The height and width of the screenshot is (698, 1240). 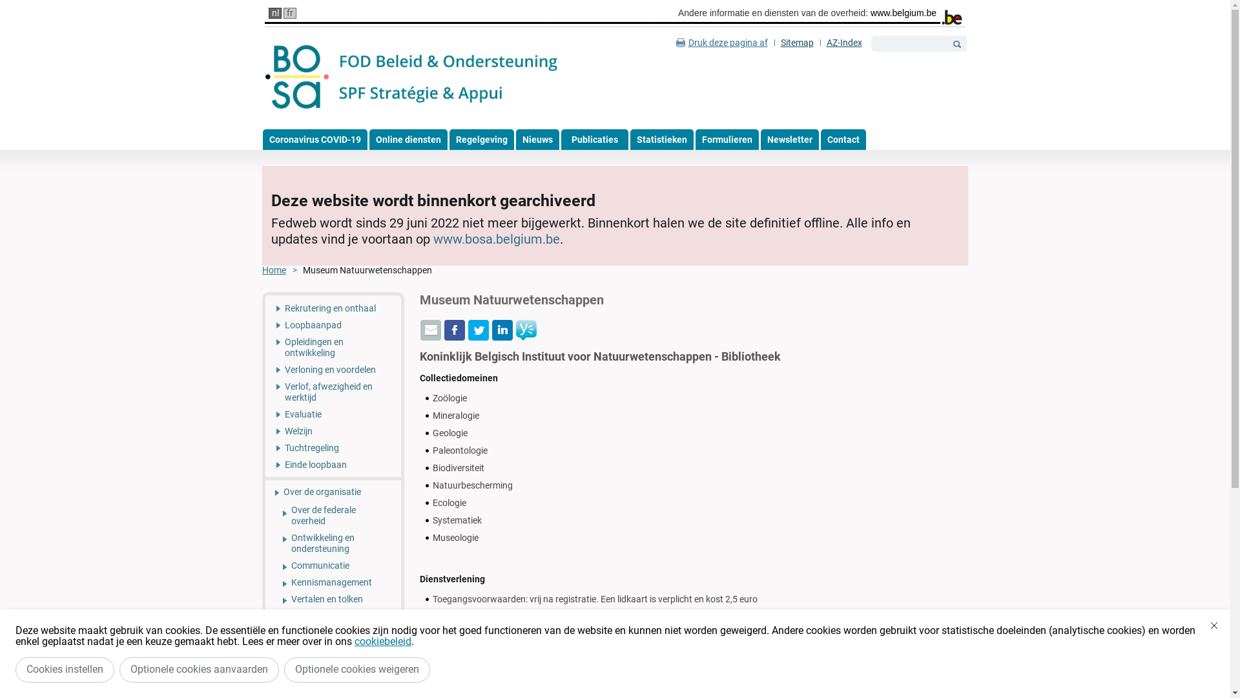 I want to click on 'nl', so click(x=268, y=13).